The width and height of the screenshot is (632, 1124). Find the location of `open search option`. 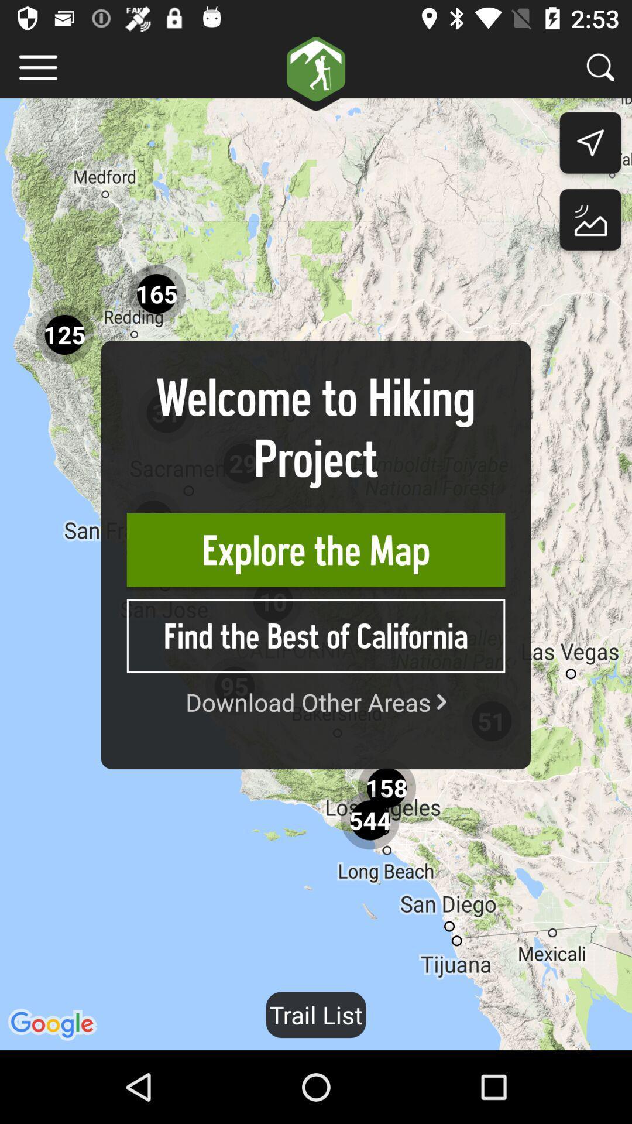

open search option is located at coordinates (600, 67).